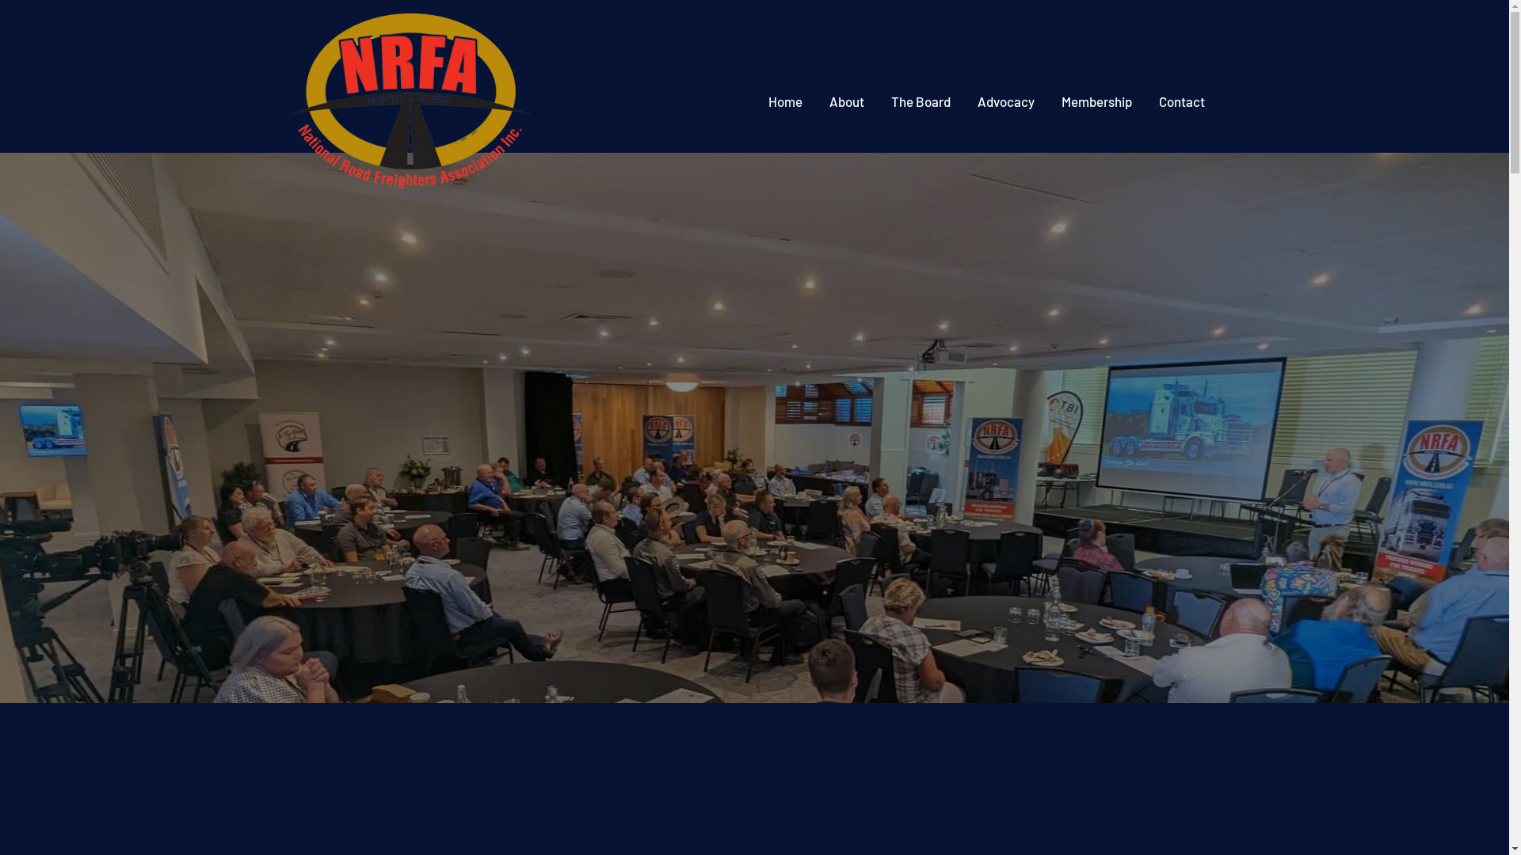 The height and width of the screenshot is (855, 1521). What do you see at coordinates (877, 101) in the screenshot?
I see `'The Board'` at bounding box center [877, 101].